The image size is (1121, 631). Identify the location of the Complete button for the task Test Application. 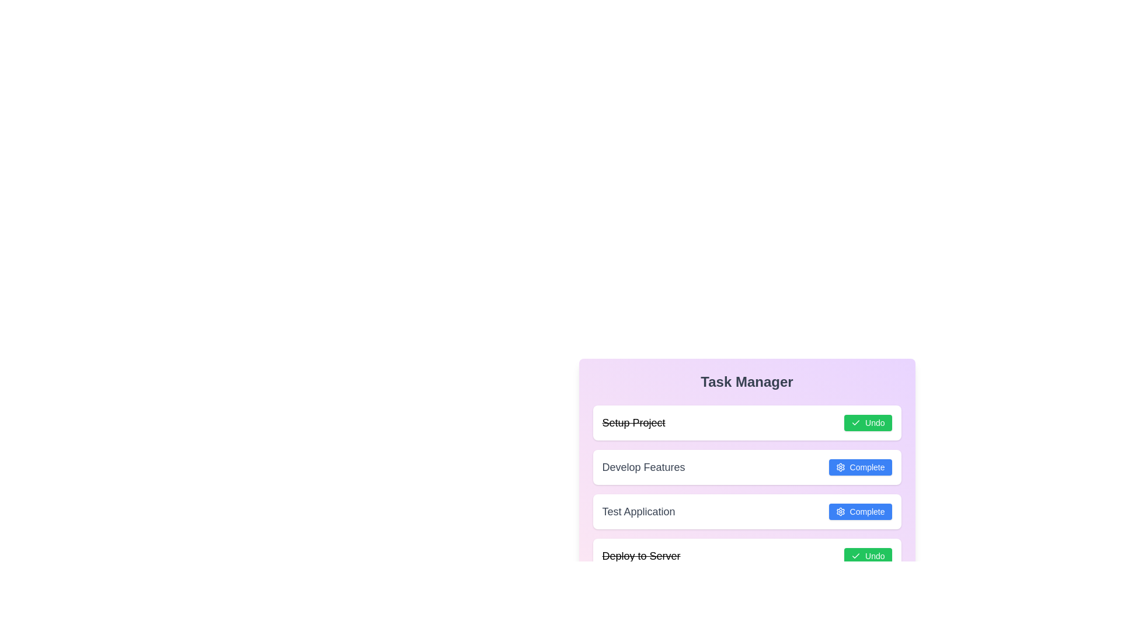
(860, 511).